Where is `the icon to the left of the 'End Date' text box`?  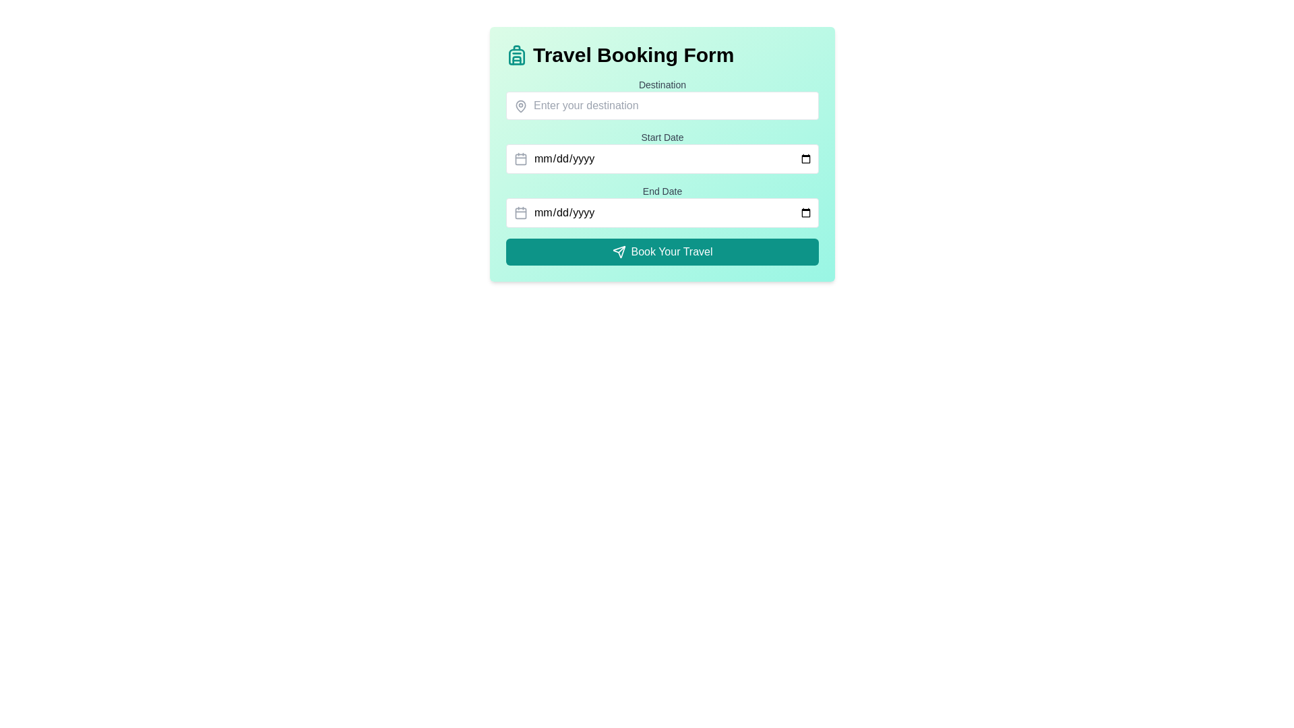
the icon to the left of the 'End Date' text box is located at coordinates (520, 212).